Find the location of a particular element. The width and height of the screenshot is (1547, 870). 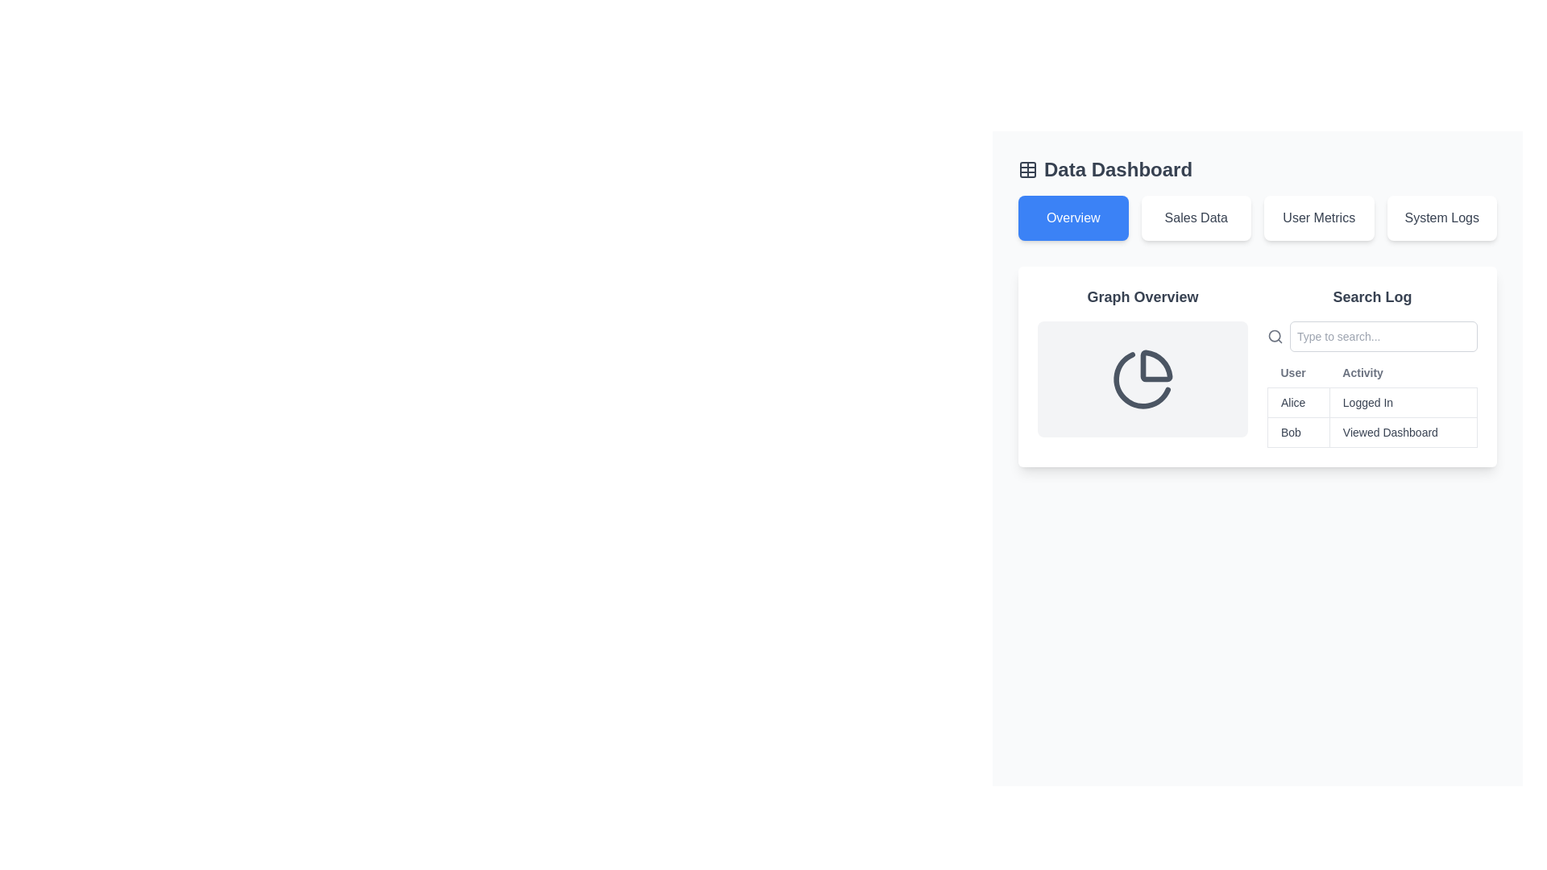

the lower segment of the pie chart icon located below the 'Graph Overview' label is located at coordinates (1141, 380).